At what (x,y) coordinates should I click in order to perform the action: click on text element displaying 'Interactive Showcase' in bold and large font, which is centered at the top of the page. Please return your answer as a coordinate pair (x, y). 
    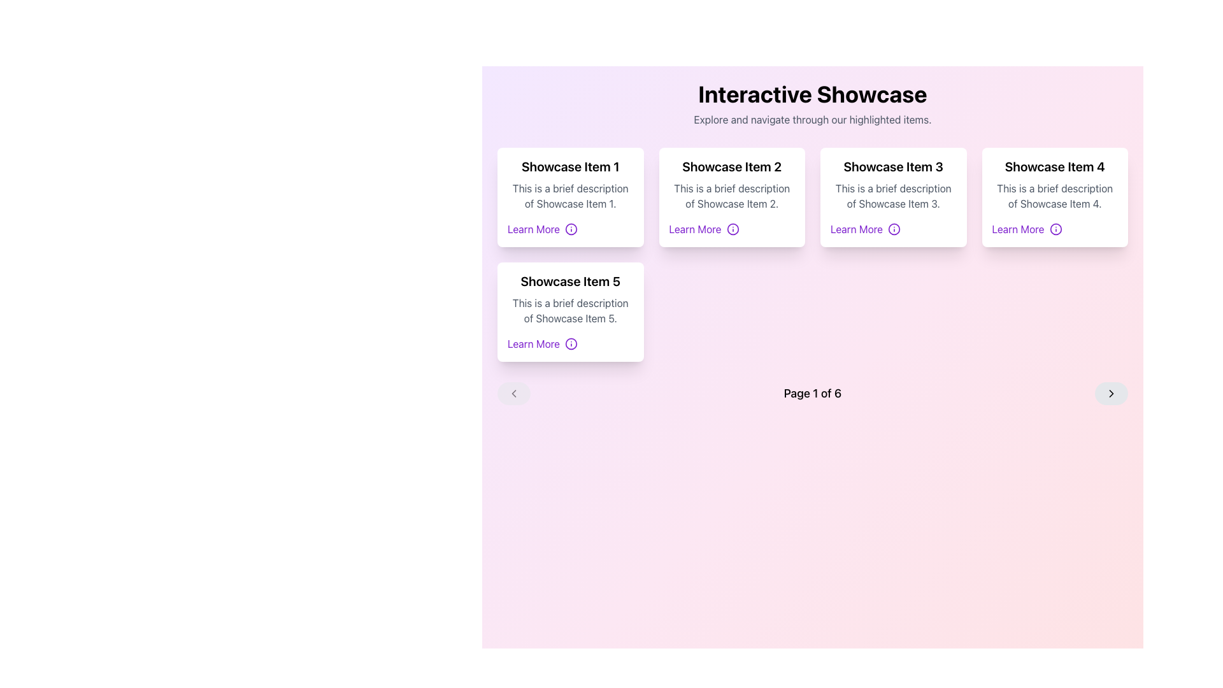
    Looking at the image, I should click on (812, 93).